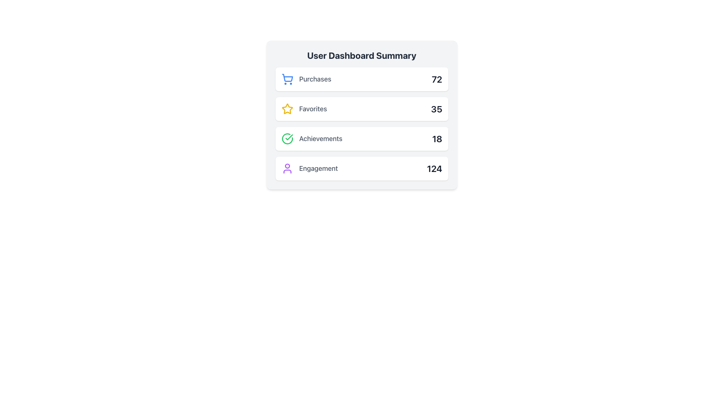  What do you see at coordinates (306, 79) in the screenshot?
I see `the 'Purchases' text label with the blue shopping cart icon located in the top-left of the User Dashboard Summary section` at bounding box center [306, 79].